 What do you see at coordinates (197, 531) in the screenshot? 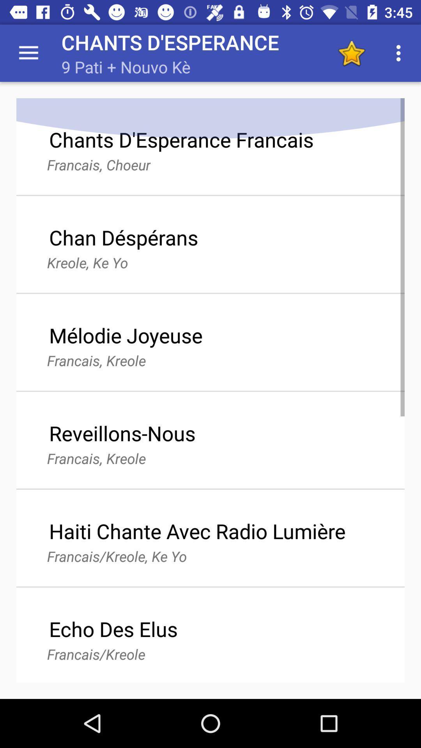
I see `haiti chante avec item` at bounding box center [197, 531].